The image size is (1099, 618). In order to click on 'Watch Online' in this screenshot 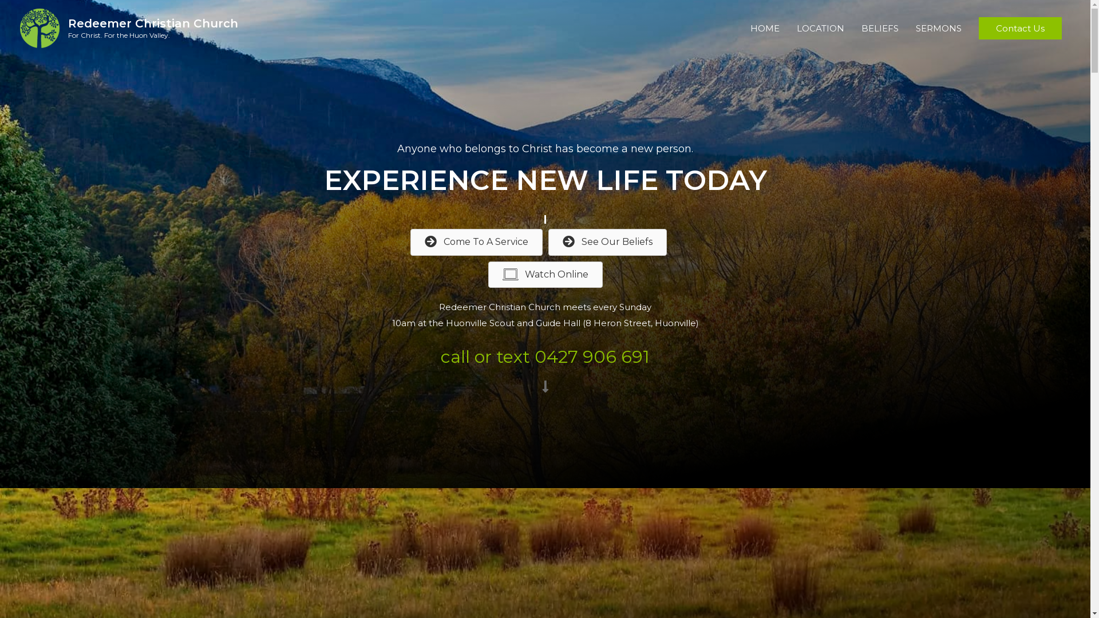, I will do `click(544, 275)`.